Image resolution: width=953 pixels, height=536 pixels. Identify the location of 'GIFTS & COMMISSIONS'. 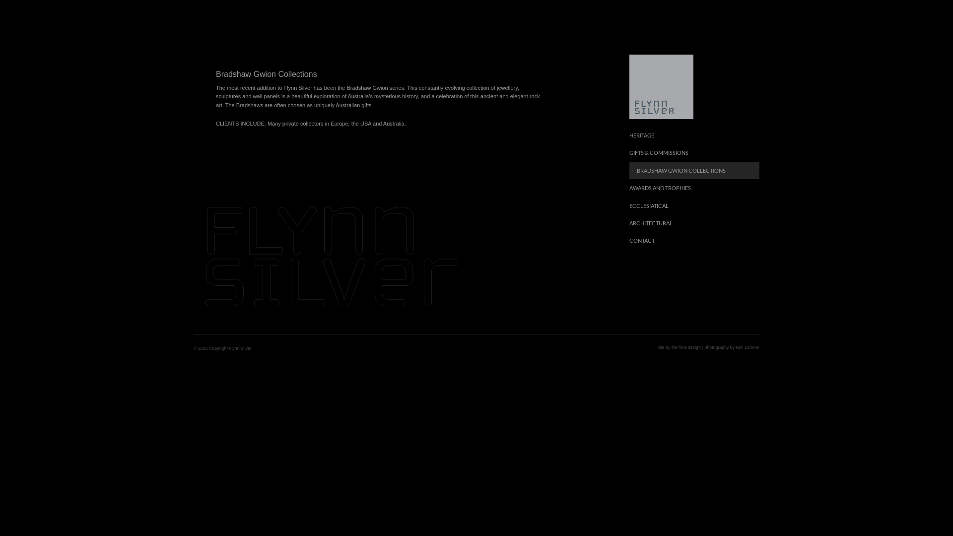
(694, 152).